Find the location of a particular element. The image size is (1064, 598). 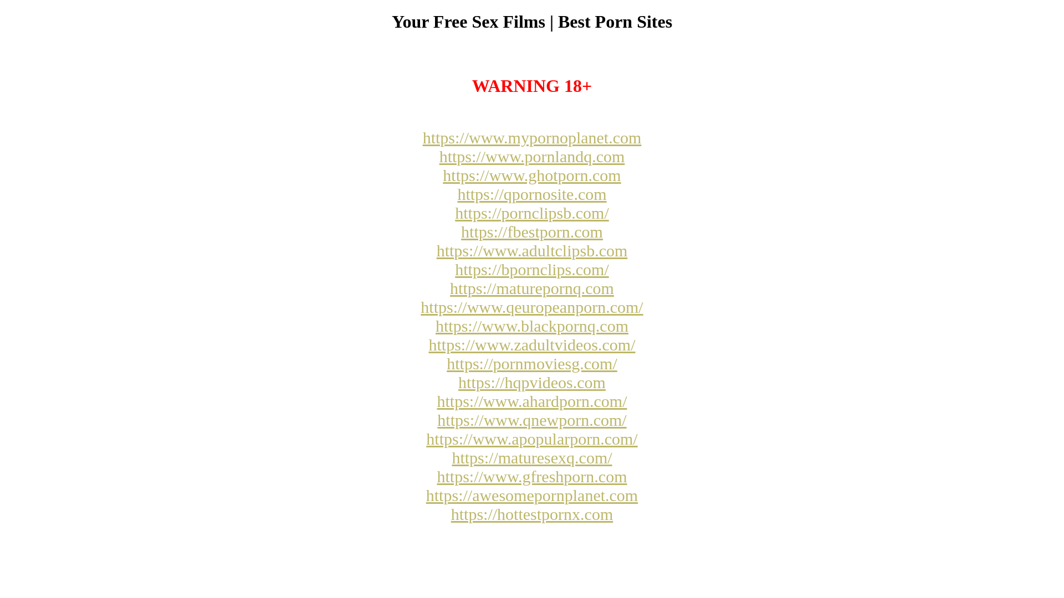

'https://awesomepornplanet.com' is located at coordinates (532, 494).